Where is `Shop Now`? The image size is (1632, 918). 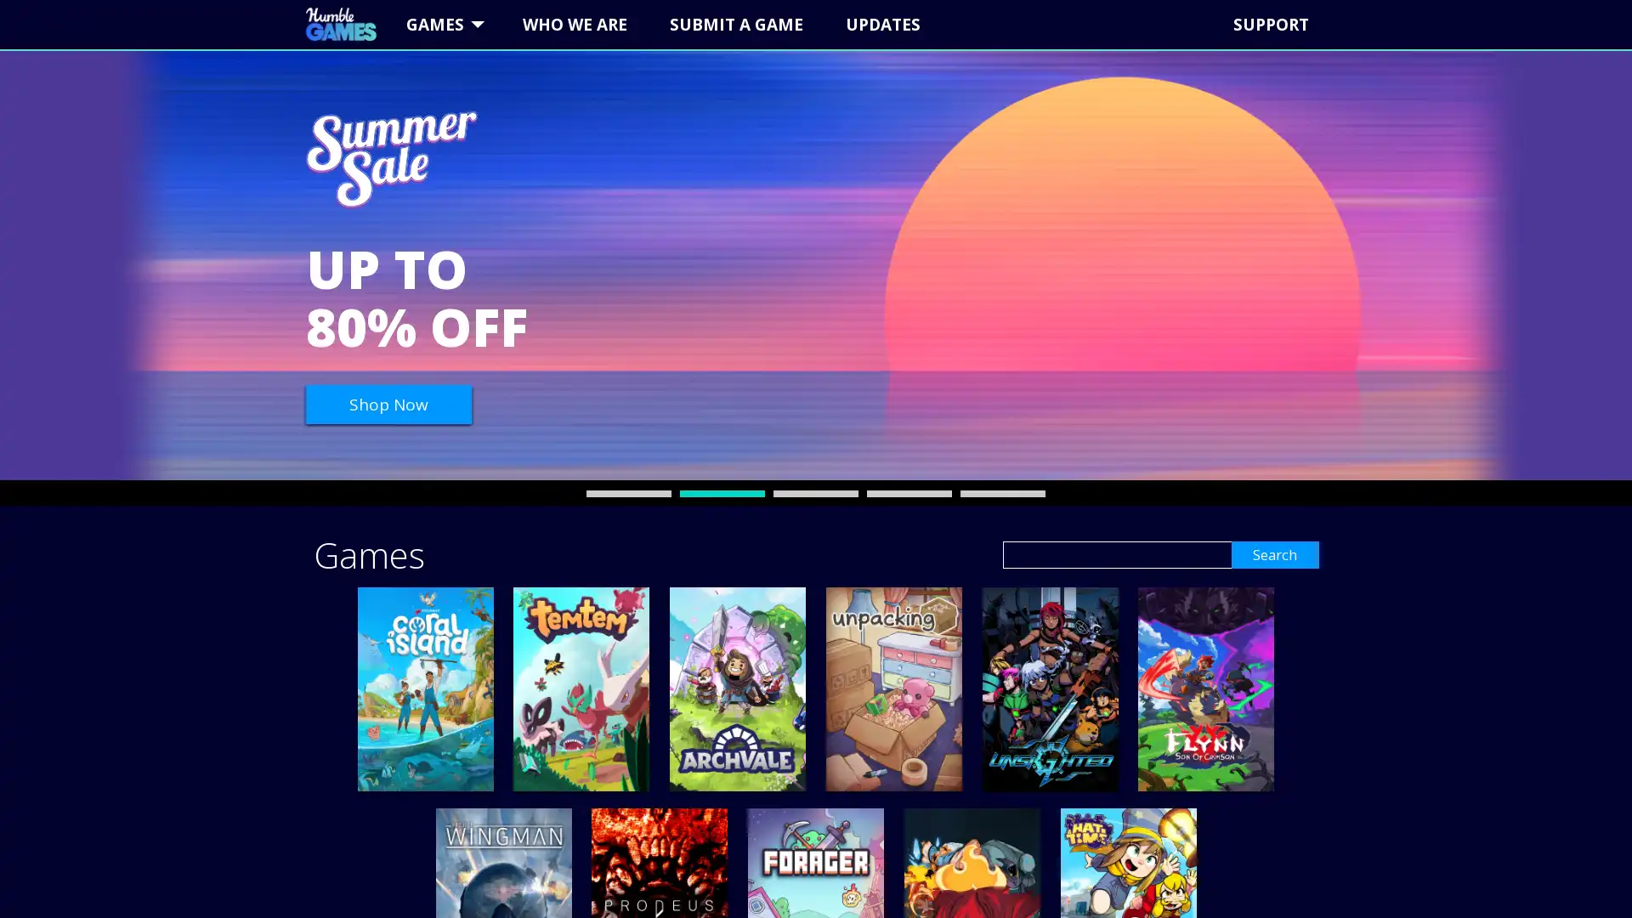 Shop Now is located at coordinates (388, 404).